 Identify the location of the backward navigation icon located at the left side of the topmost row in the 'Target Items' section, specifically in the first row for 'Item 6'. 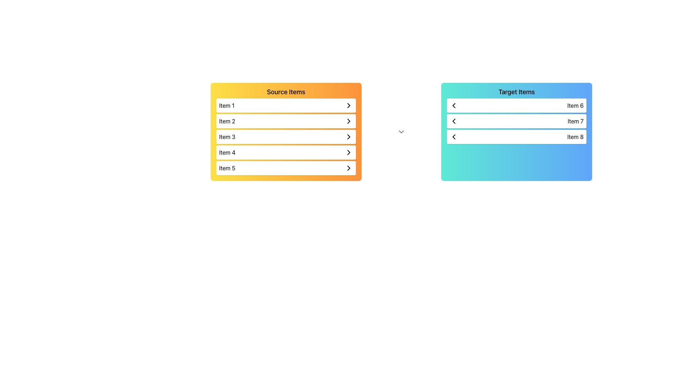
(453, 106).